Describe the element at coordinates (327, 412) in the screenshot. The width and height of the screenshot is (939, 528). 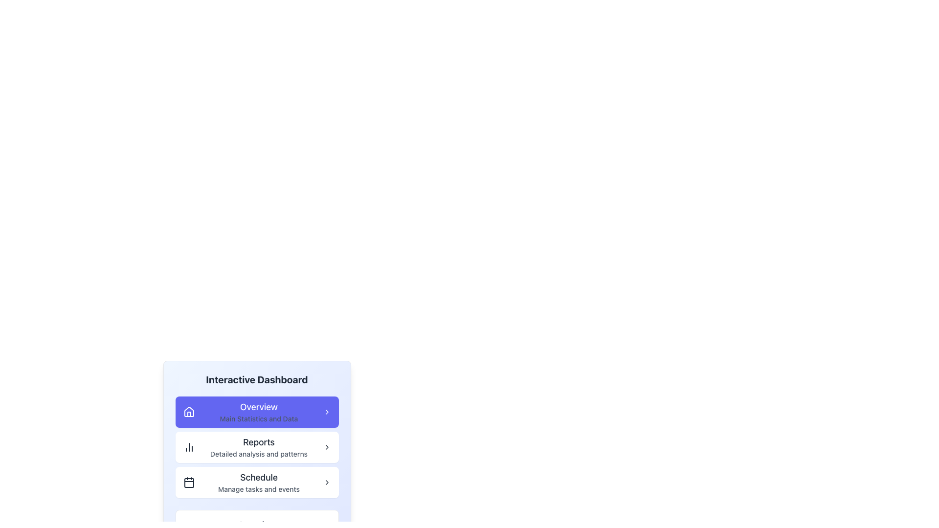
I see `the right chevron icon, which is the rightmost component of the blue 'Overview' button in the sidebar menu, for visual cues` at that location.